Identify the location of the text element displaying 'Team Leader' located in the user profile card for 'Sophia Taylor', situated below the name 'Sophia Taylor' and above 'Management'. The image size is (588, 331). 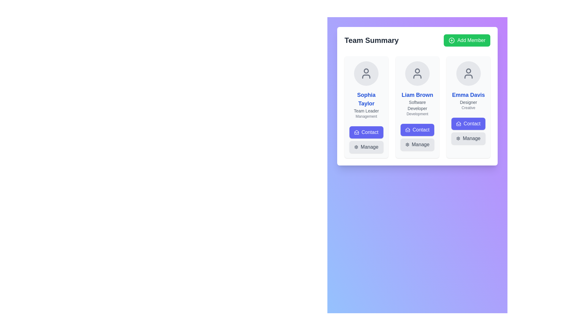
(366, 111).